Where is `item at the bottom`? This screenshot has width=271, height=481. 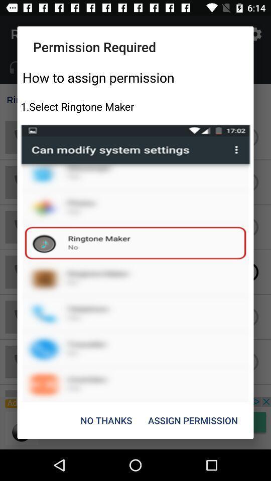
item at the bottom is located at coordinates (106, 420).